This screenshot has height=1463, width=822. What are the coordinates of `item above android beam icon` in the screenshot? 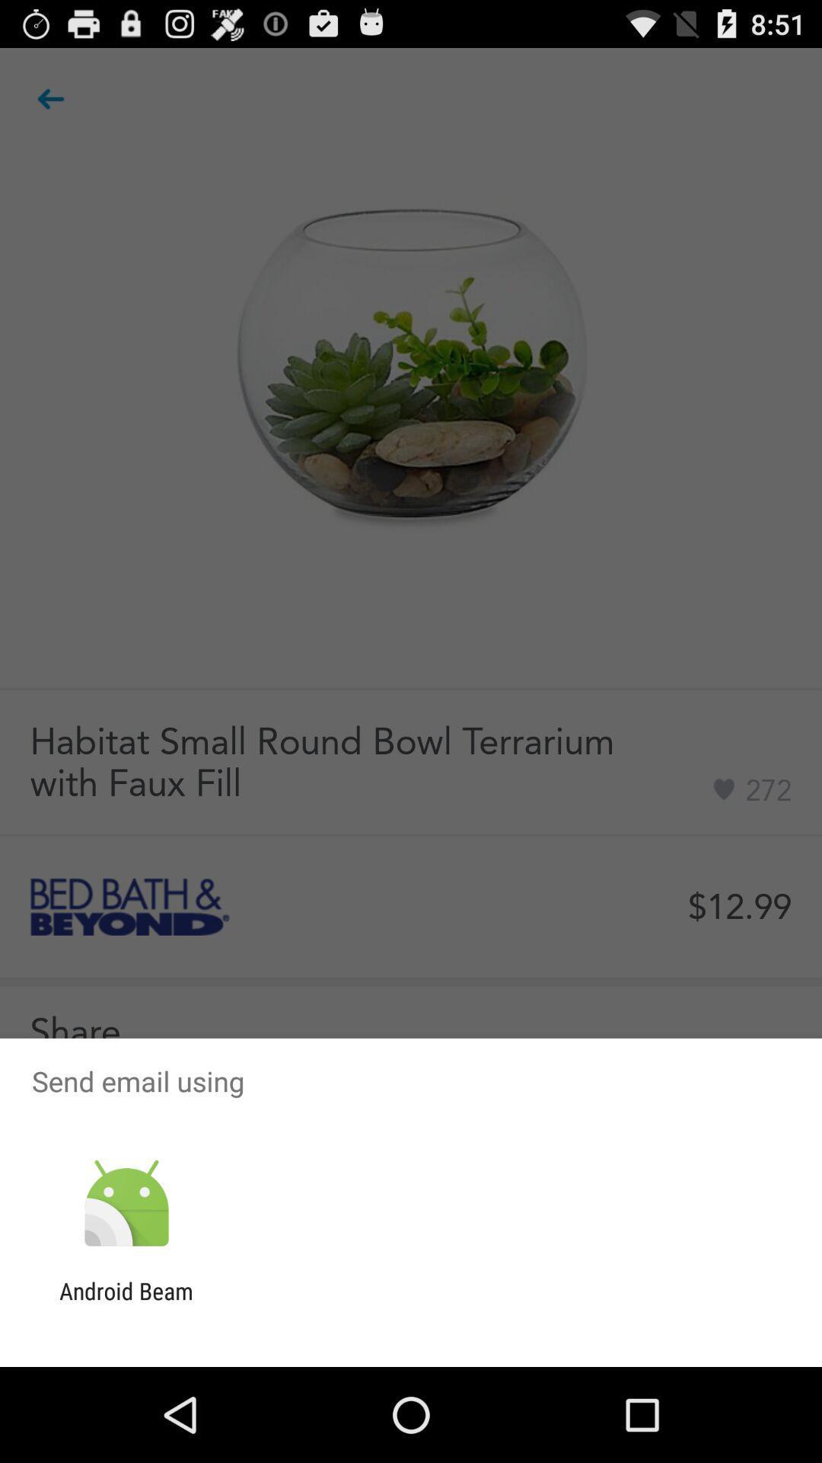 It's located at (126, 1203).